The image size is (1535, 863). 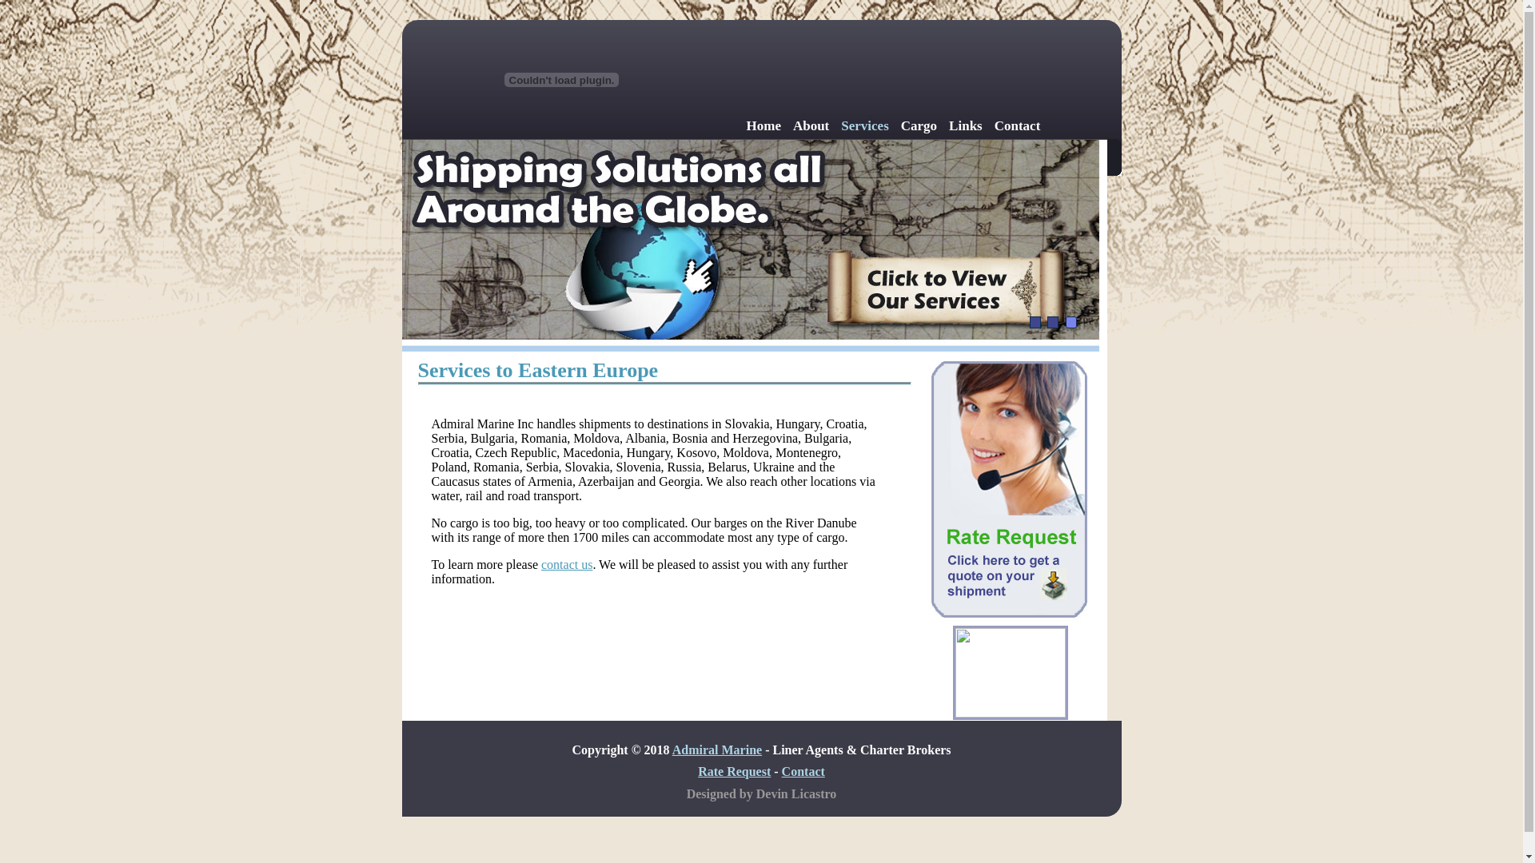 I want to click on 'Admiral Marine', so click(x=672, y=750).